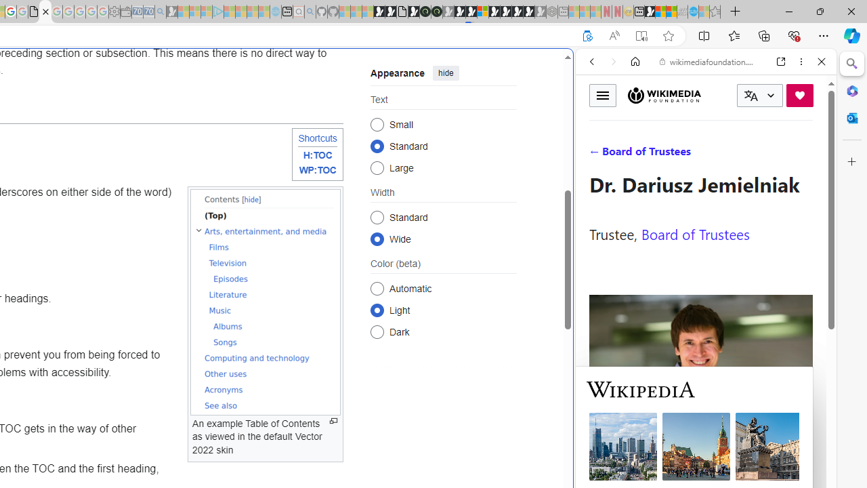 The image size is (867, 488). Describe the element at coordinates (750, 95) in the screenshot. I see `'Class: i icon icon-translate language-switcher__icon'` at that location.